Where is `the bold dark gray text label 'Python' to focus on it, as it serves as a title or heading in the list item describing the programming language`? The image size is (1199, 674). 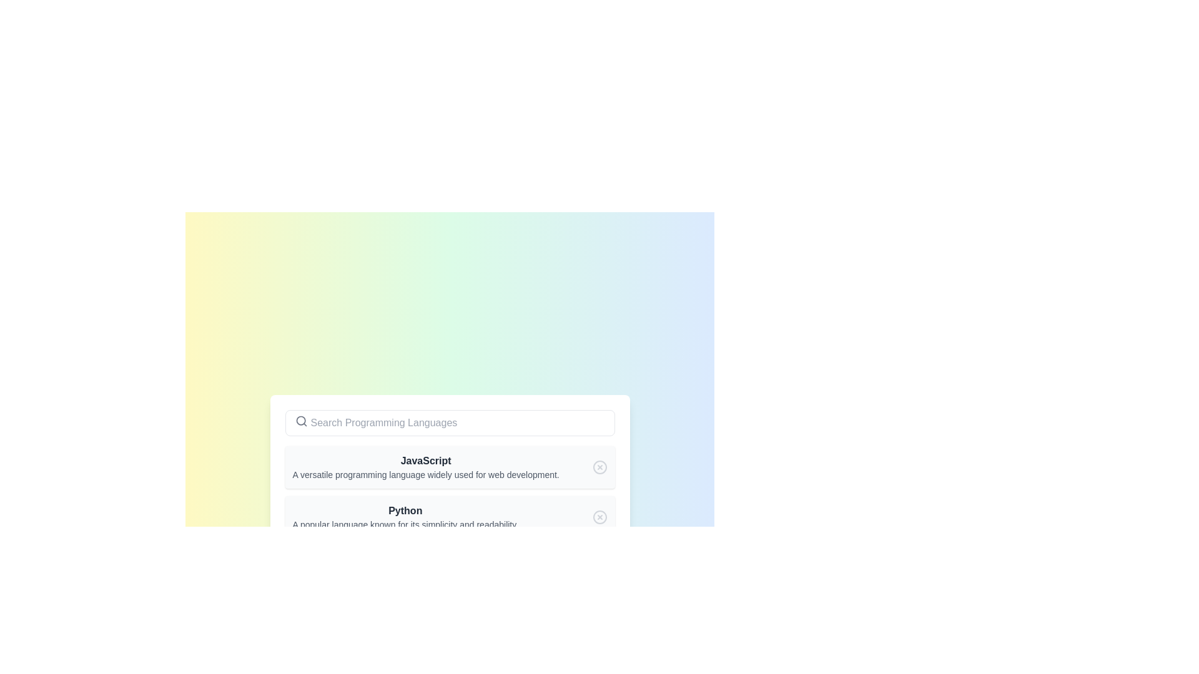
the bold dark gray text label 'Python' to focus on it, as it serves as a title or heading in the list item describing the programming language is located at coordinates (405, 510).